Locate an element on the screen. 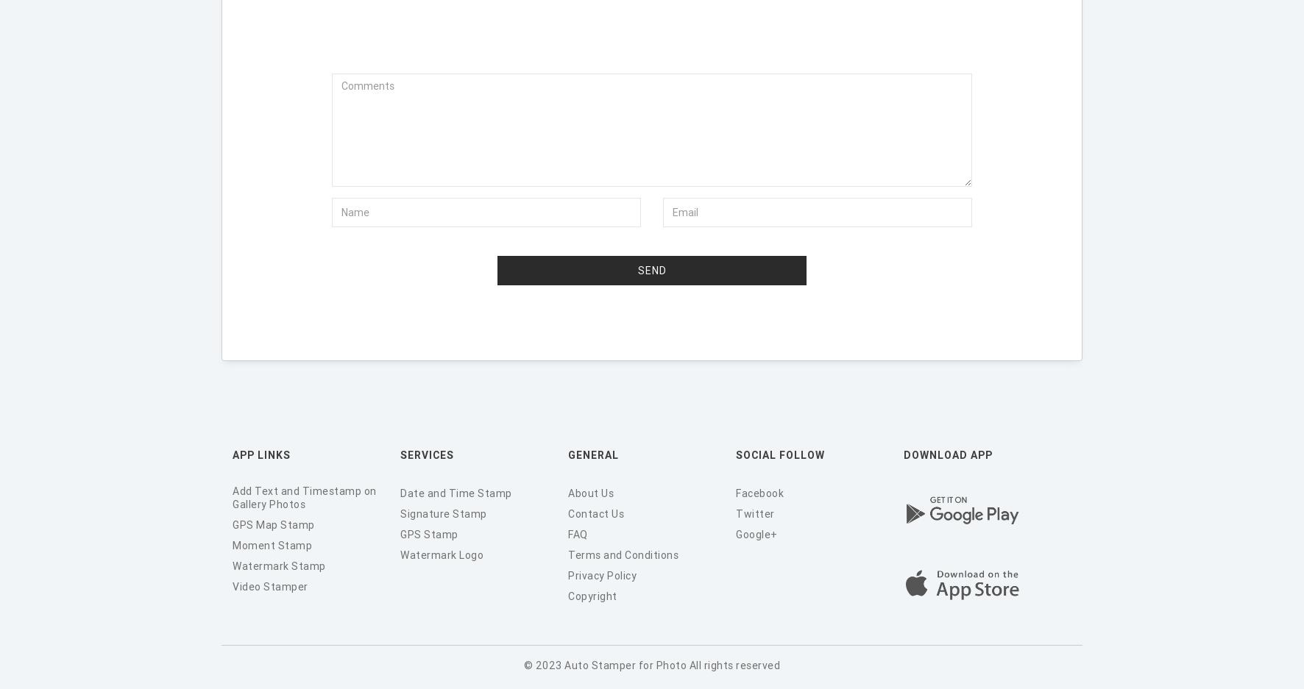 This screenshot has width=1304, height=689. 'Contact Us' is located at coordinates (595, 513).